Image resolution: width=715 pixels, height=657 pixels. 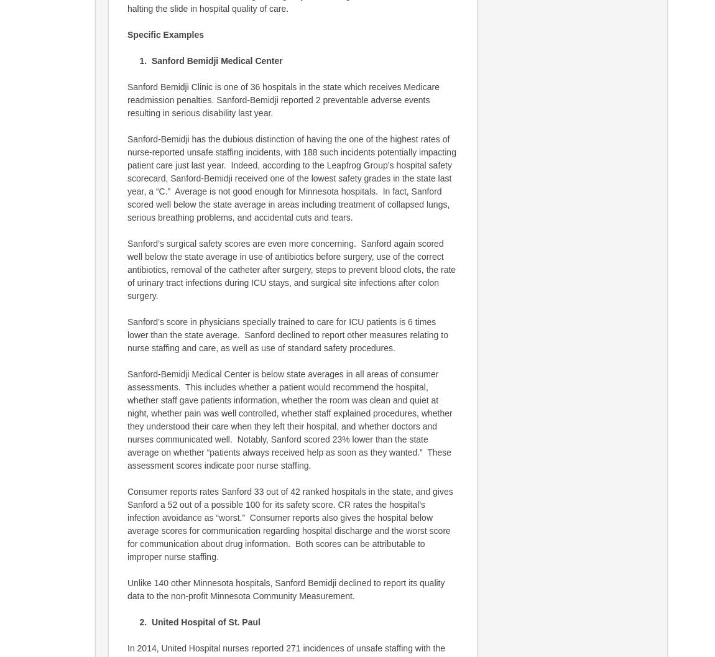 What do you see at coordinates (291, 268) in the screenshot?
I see `'Sanford’s surgical safety scores are even more concerning.  Sanford again scored well below the state average in use of antibiotics before surgery, use of the correct antibiotics, removal of the catheter after surgery, steps to prevent blood clots, the rate of urinary tract infections during ICU stays, and surgical site infections after colon surgery.'` at bounding box center [291, 268].